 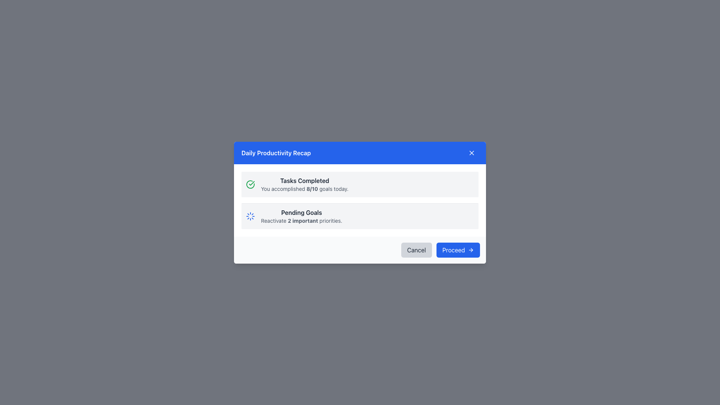 What do you see at coordinates (457, 250) in the screenshot?
I see `the vibrant blue 'Proceed' button with rounded corners` at bounding box center [457, 250].